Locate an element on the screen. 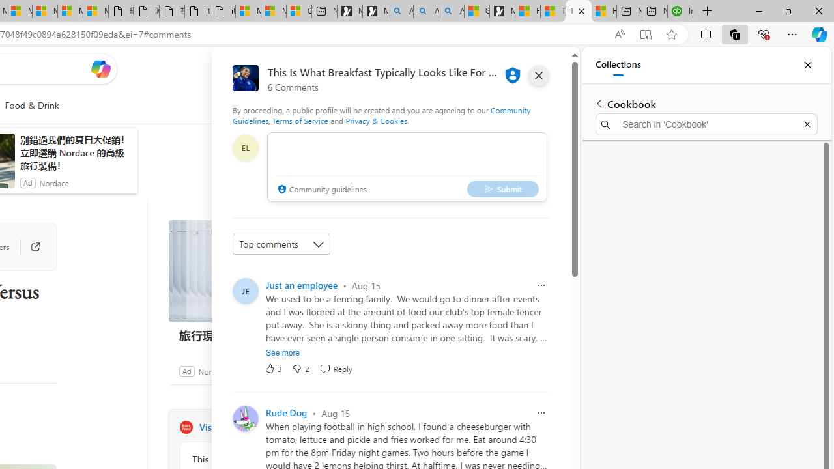  'Community guidelines' is located at coordinates (321, 190).